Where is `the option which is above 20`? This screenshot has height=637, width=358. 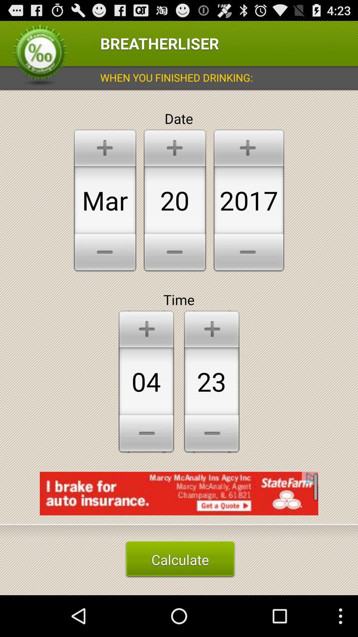 the option which is above 20 is located at coordinates (174, 147).